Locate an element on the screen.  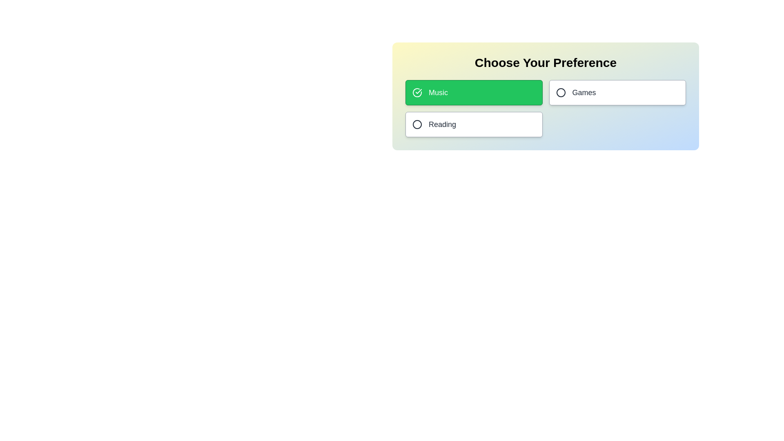
the 'Music' selection button located in the top-left corner of the grid layout is located at coordinates (474, 92).